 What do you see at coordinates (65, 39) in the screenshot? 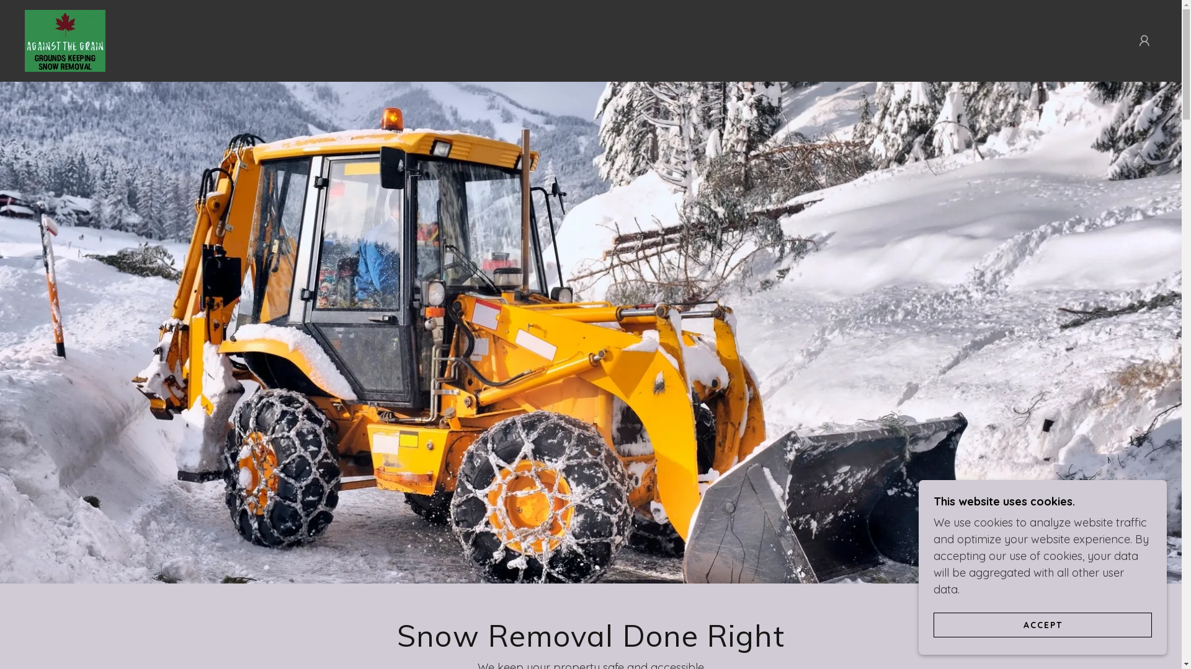
I see `'Against The Grain'` at bounding box center [65, 39].